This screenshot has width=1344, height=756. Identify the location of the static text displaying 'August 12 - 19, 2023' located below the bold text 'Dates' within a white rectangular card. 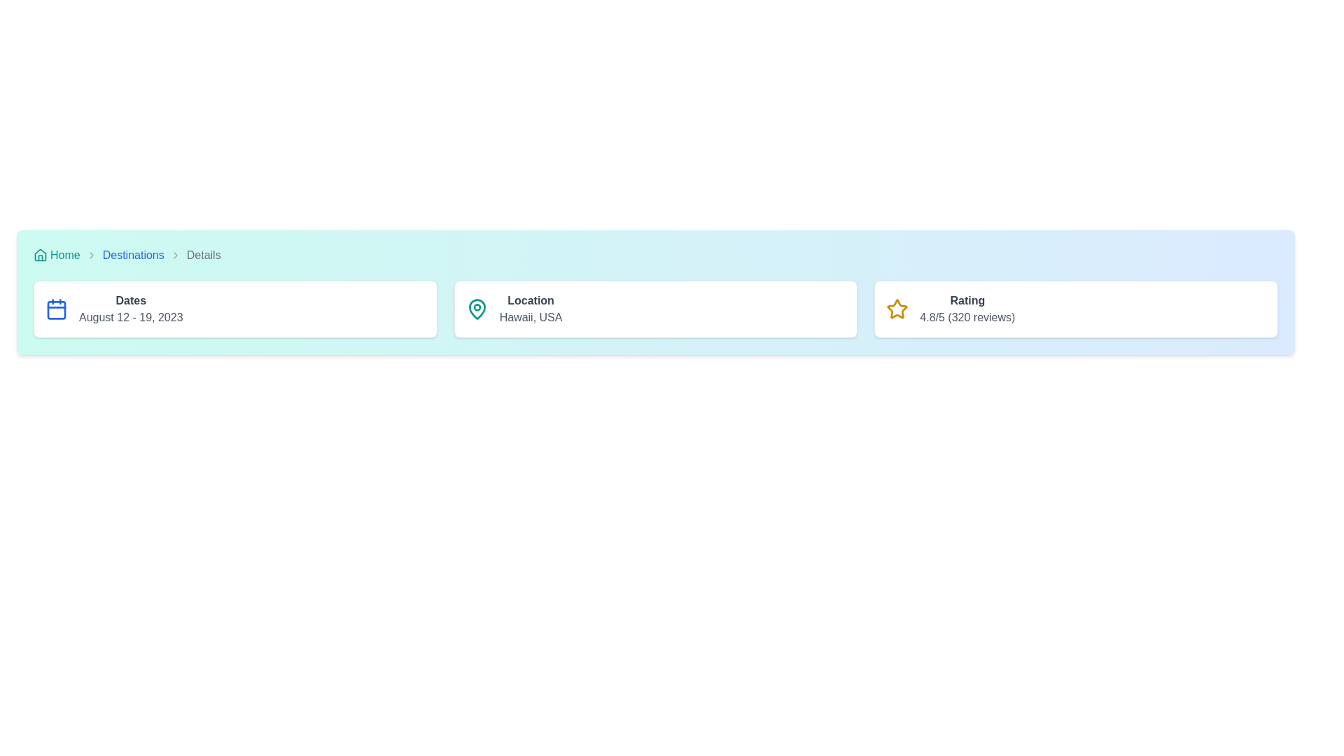
(131, 318).